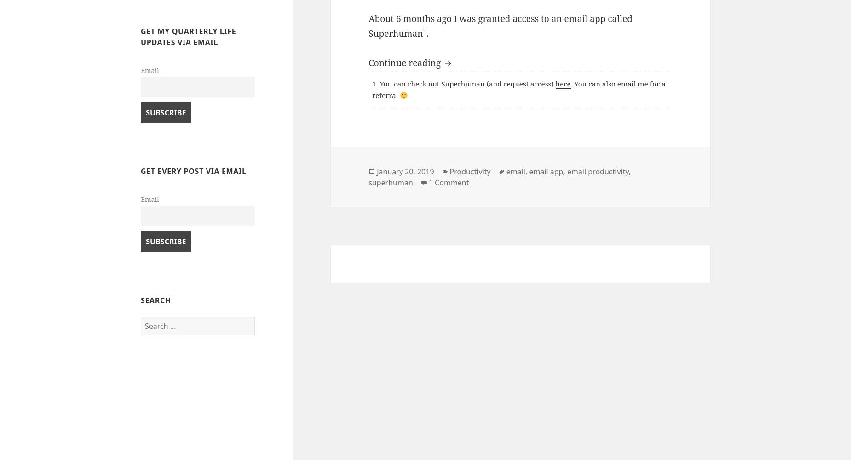  I want to click on 'email app', so click(528, 171).